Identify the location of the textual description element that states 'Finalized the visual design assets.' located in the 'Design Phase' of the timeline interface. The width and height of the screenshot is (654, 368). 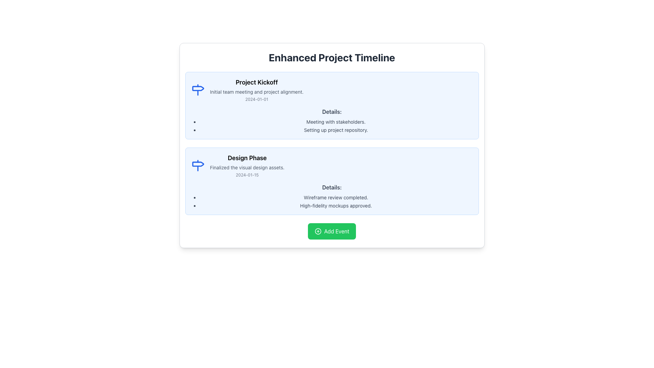
(247, 168).